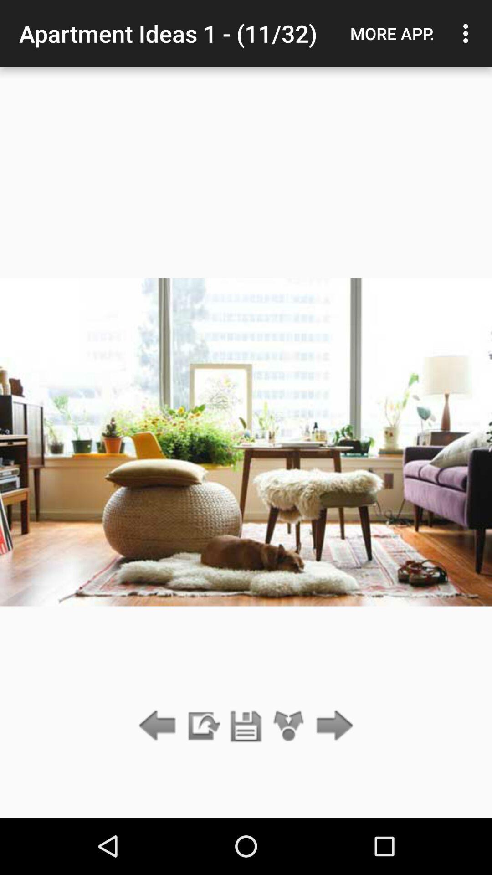  I want to click on the icon next to more app. item, so click(468, 33).